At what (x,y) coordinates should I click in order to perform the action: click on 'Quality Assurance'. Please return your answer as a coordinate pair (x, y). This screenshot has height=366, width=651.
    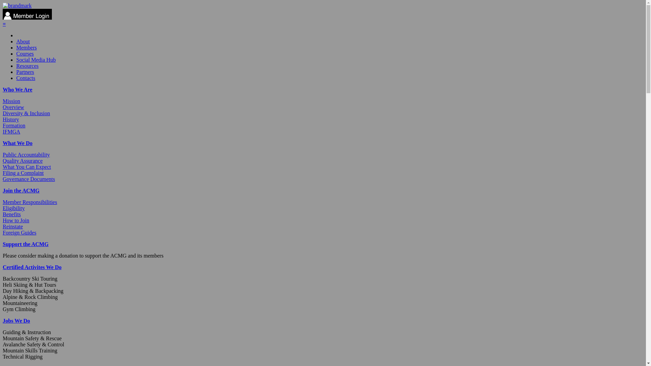
    Looking at the image, I should click on (23, 161).